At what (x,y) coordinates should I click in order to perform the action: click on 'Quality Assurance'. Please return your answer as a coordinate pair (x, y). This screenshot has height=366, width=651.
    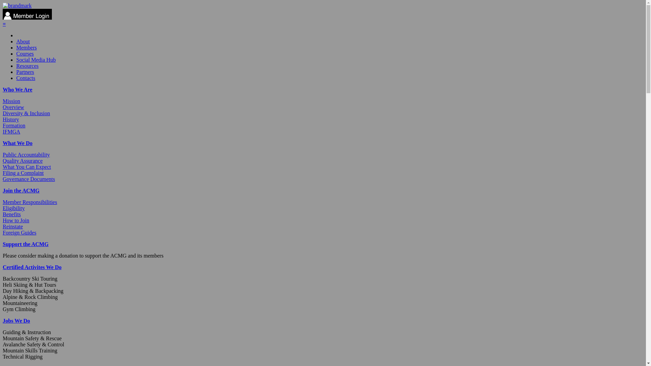
    Looking at the image, I should click on (23, 161).